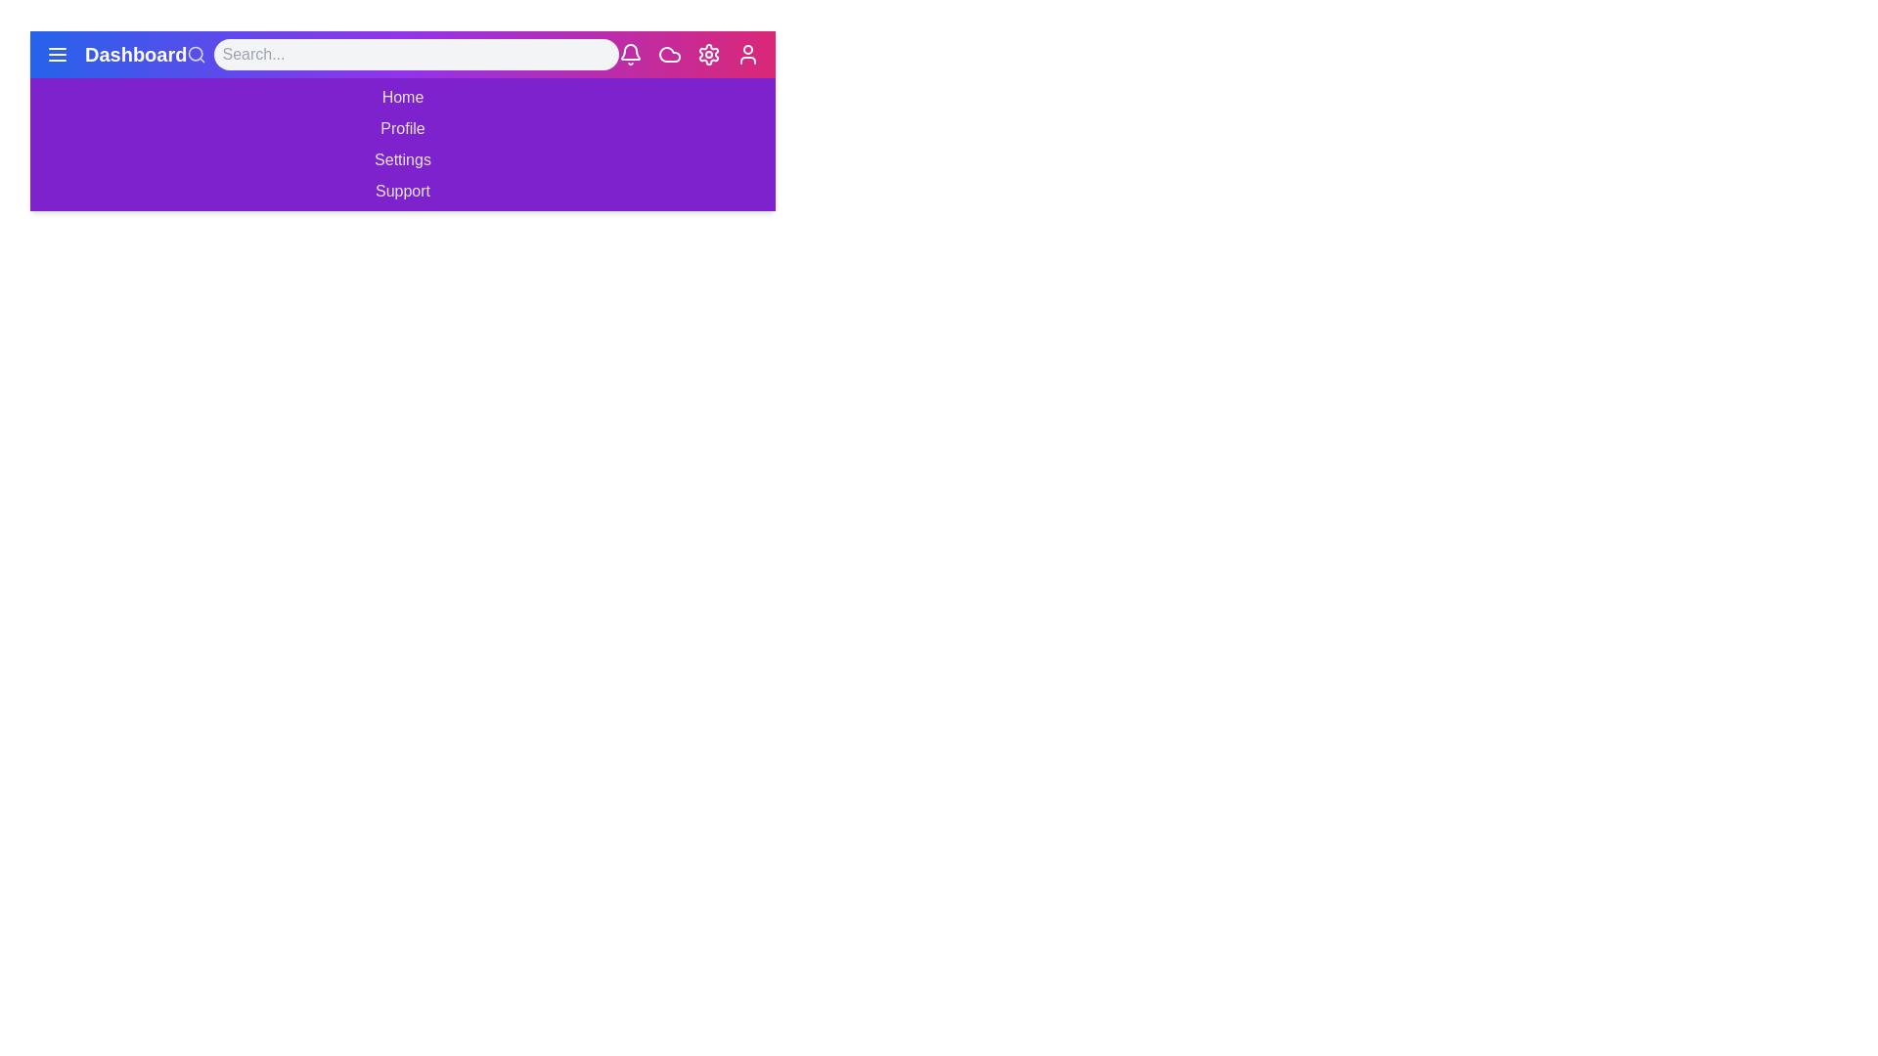 This screenshot has width=1878, height=1056. What do you see at coordinates (707, 54) in the screenshot?
I see `the settings icon in the app bar` at bounding box center [707, 54].